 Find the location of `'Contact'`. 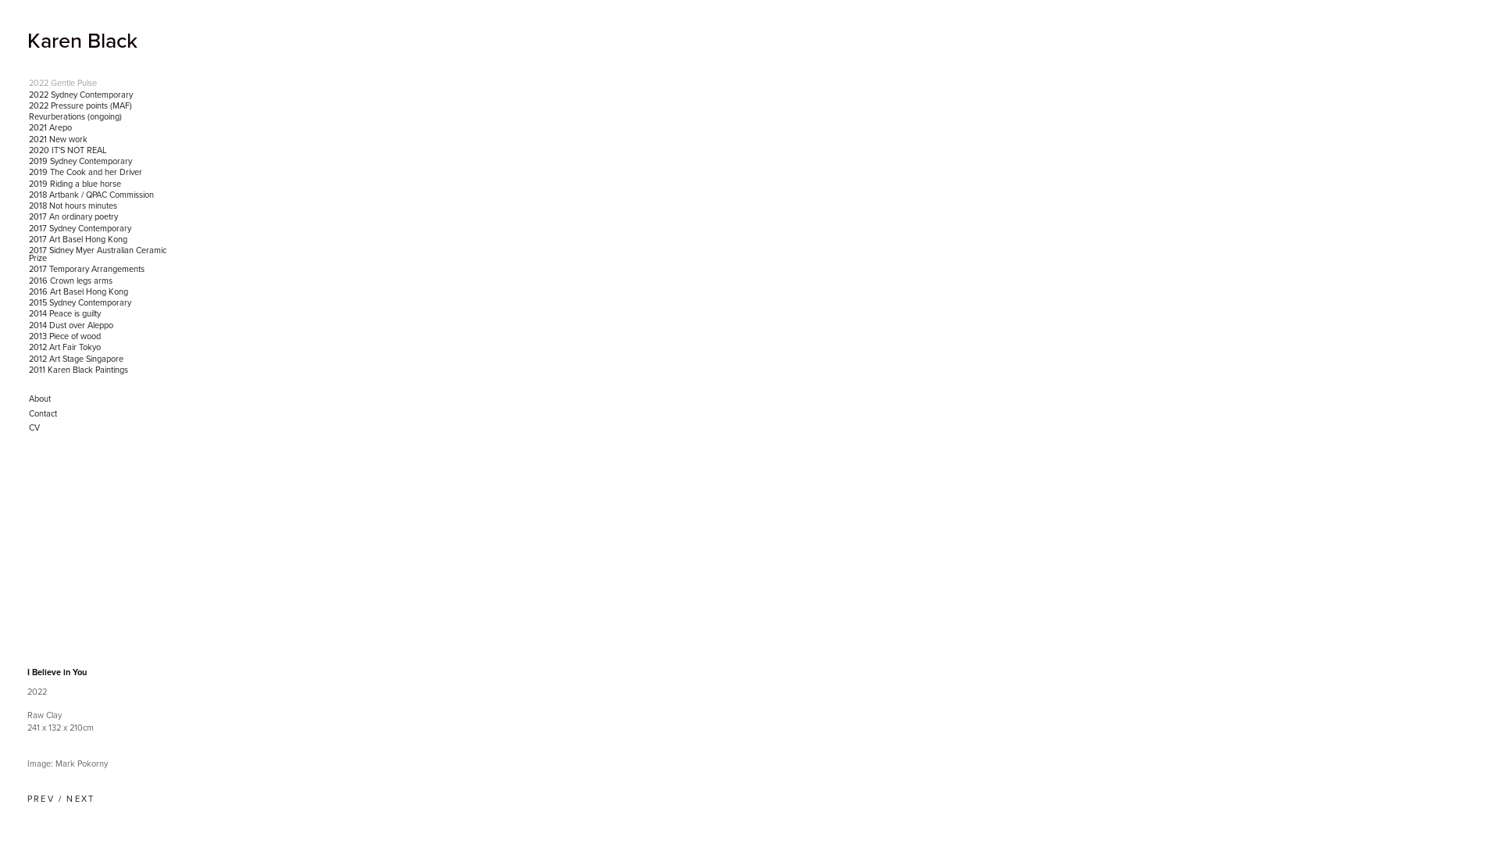

'Contact' is located at coordinates (100, 413).